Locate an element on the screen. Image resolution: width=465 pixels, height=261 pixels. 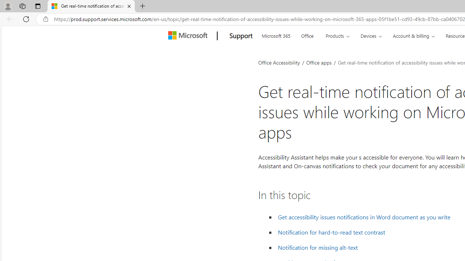
' Notification for missing alt-text' is located at coordinates (318, 247).